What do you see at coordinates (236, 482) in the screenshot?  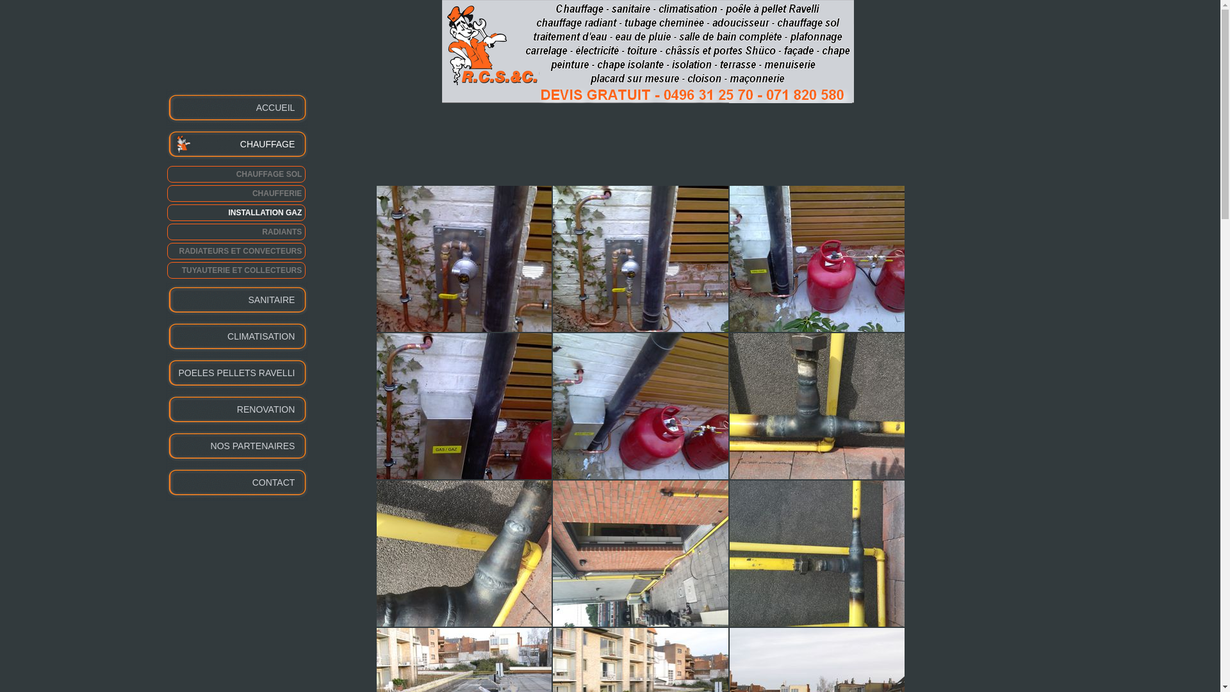 I see `'CONTACT'` at bounding box center [236, 482].